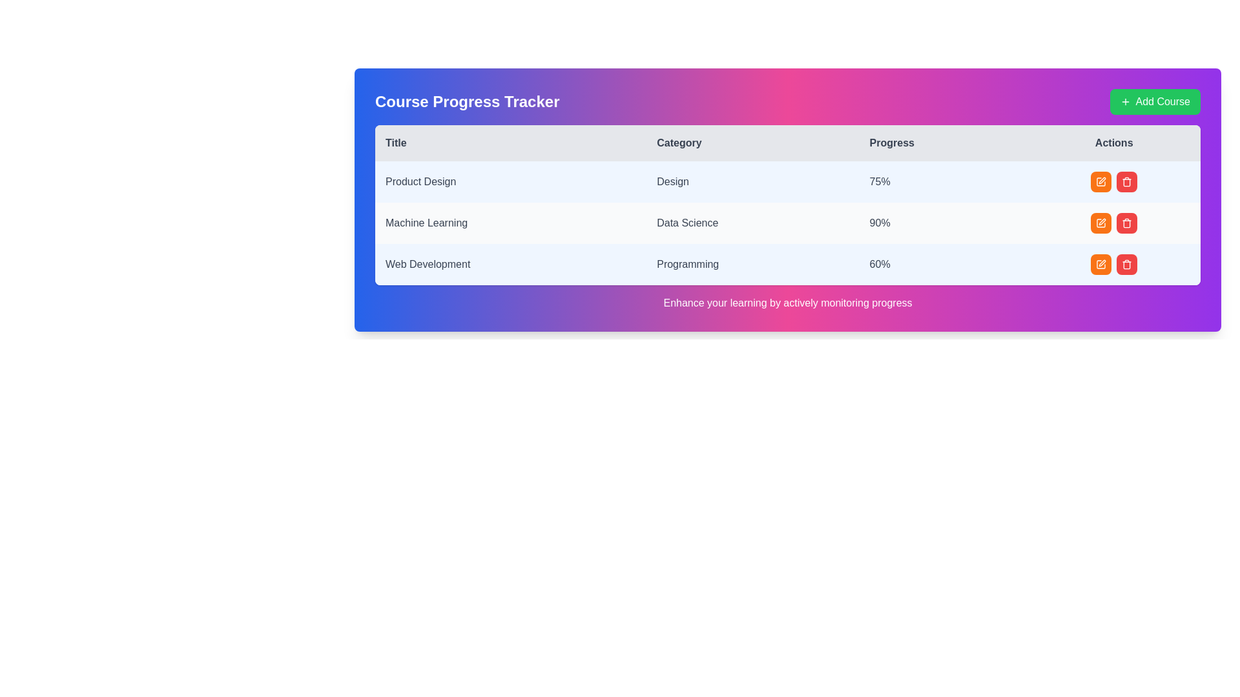  I want to click on the 'Add Course' icon, which is located on the left-hand side of the 'Add Course' button at the top-right corner of the layout, above the course progress table, so click(1124, 101).